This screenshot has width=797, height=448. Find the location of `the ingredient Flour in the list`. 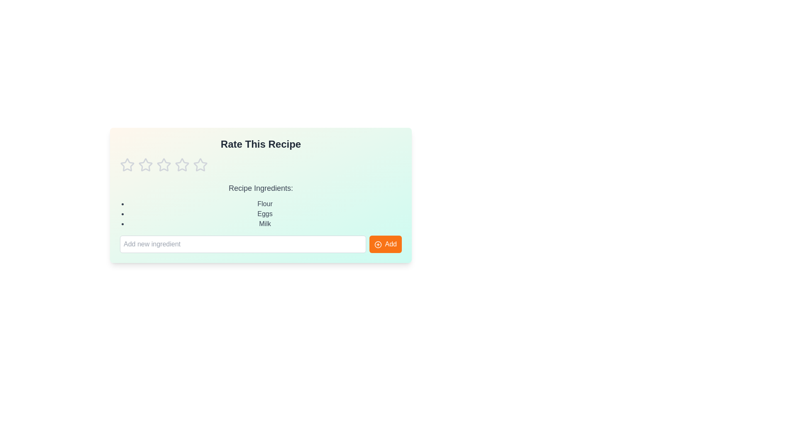

the ingredient Flour in the list is located at coordinates (264, 204).